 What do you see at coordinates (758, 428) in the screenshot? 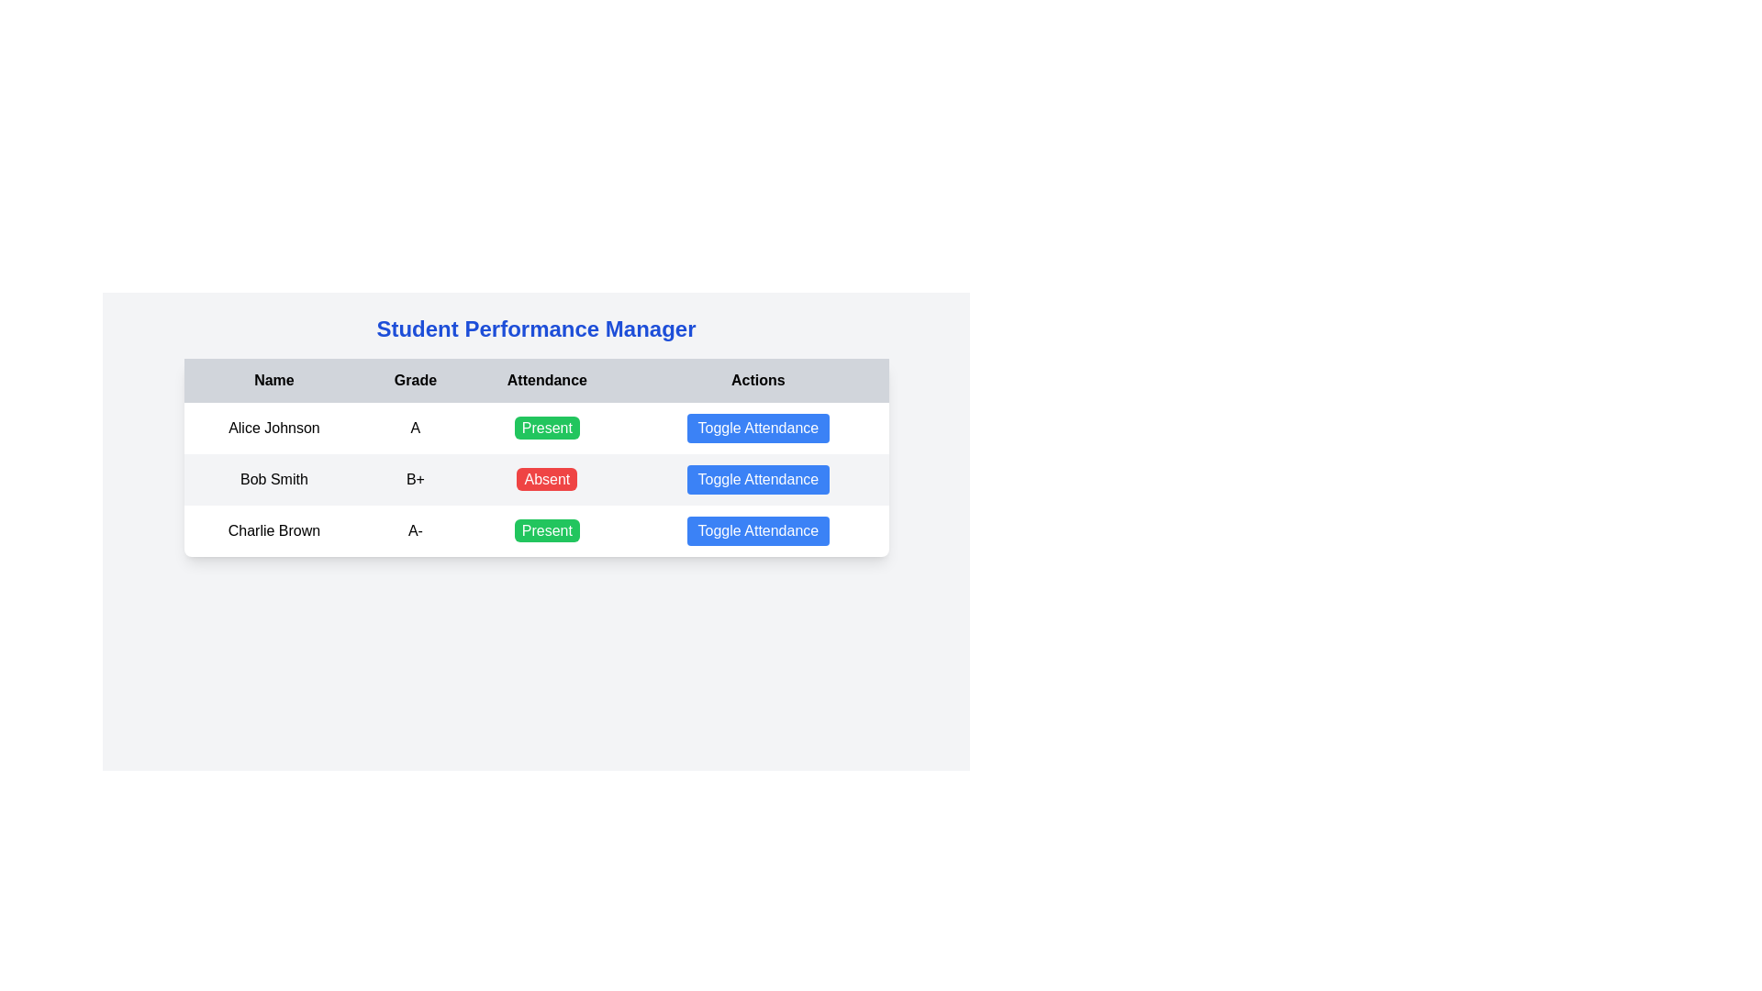
I see `the attendance toggle button for Alice Johnson located in the 'Actions' column of the data table` at bounding box center [758, 428].